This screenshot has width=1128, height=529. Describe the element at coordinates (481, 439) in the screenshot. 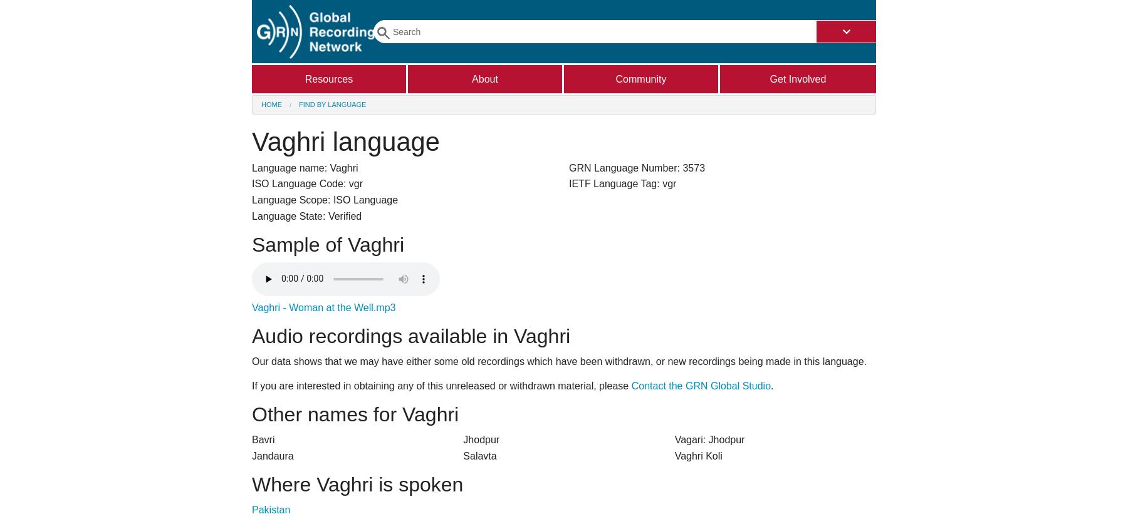

I see `'Jhodpur'` at that location.